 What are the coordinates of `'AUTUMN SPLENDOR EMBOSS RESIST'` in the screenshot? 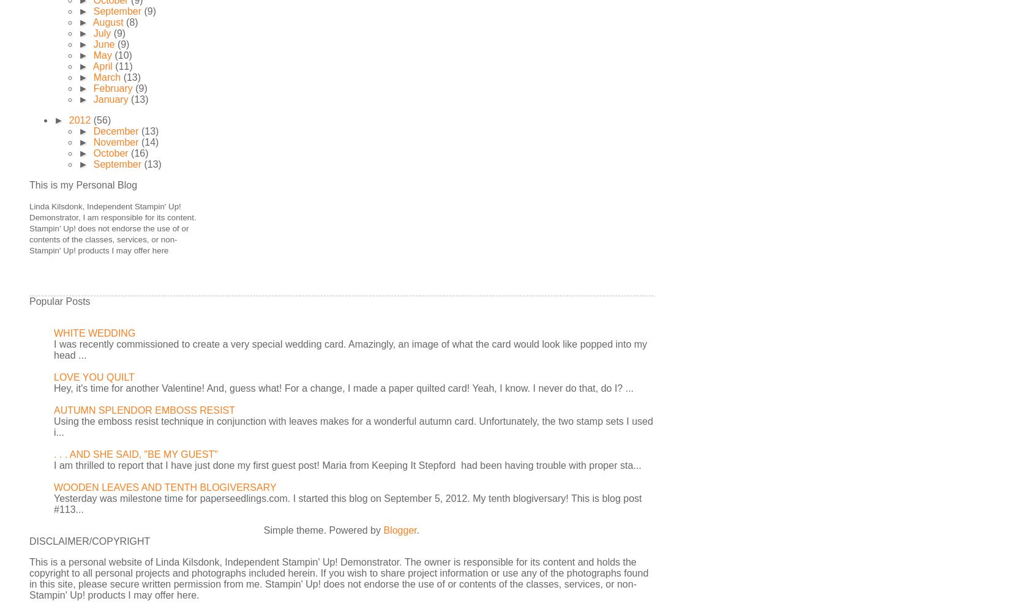 It's located at (144, 409).